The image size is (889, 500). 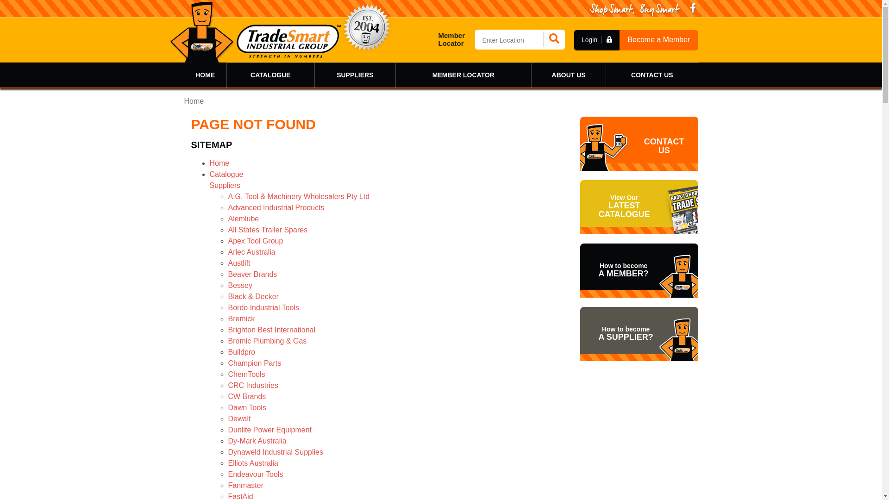 What do you see at coordinates (463, 75) in the screenshot?
I see `'MEMBER LOCATOR'` at bounding box center [463, 75].